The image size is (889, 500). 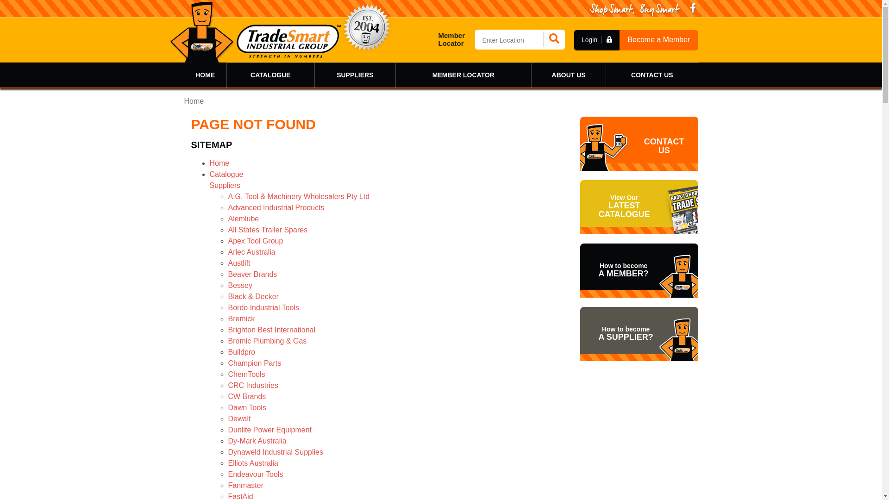 What do you see at coordinates (463, 75) in the screenshot?
I see `'MEMBER LOCATOR'` at bounding box center [463, 75].